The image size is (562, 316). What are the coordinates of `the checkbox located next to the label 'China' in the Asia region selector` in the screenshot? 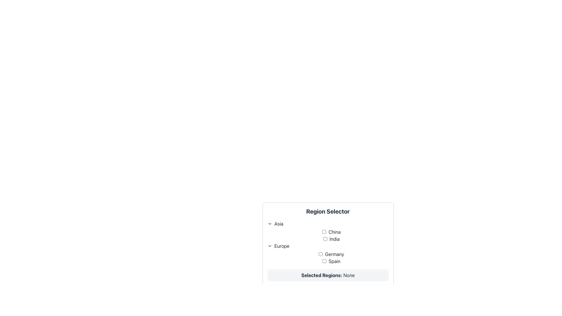 It's located at (324, 231).